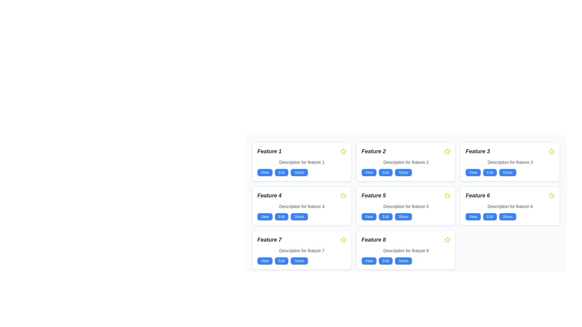  What do you see at coordinates (265, 260) in the screenshot?
I see `the 'View' button, which is the first button in a group of three (View, Edit, Share) located at the bottom of the 'Feature 7' section` at bounding box center [265, 260].